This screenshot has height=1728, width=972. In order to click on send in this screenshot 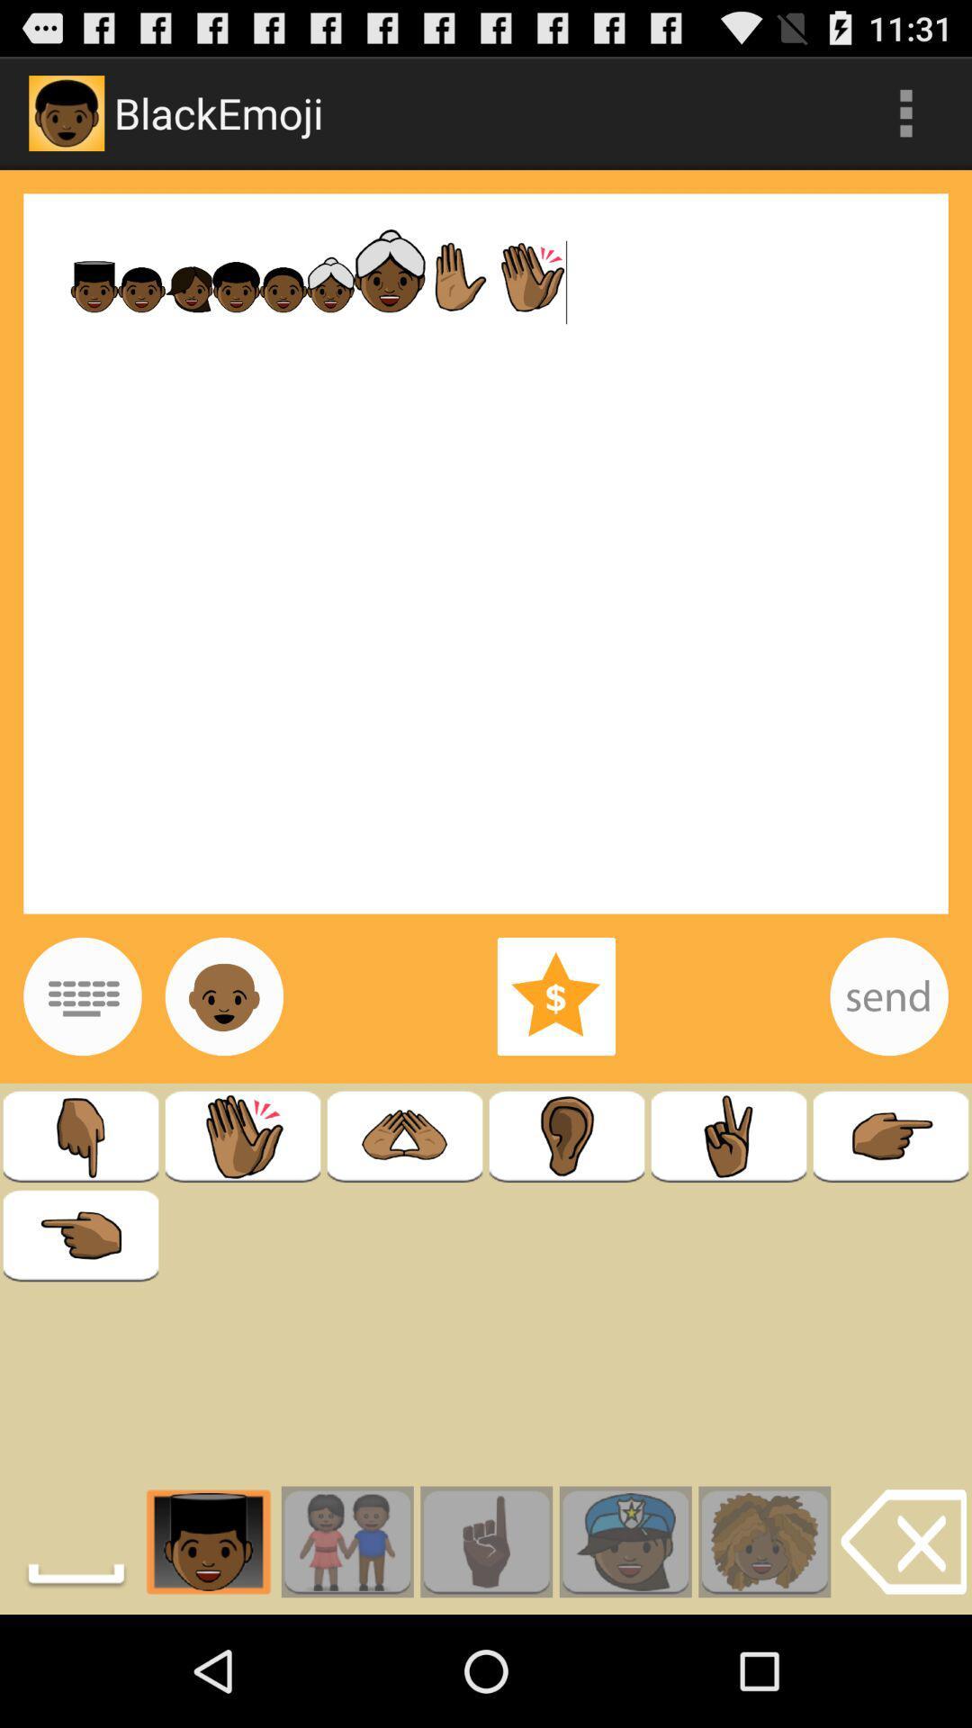, I will do `click(888, 995)`.